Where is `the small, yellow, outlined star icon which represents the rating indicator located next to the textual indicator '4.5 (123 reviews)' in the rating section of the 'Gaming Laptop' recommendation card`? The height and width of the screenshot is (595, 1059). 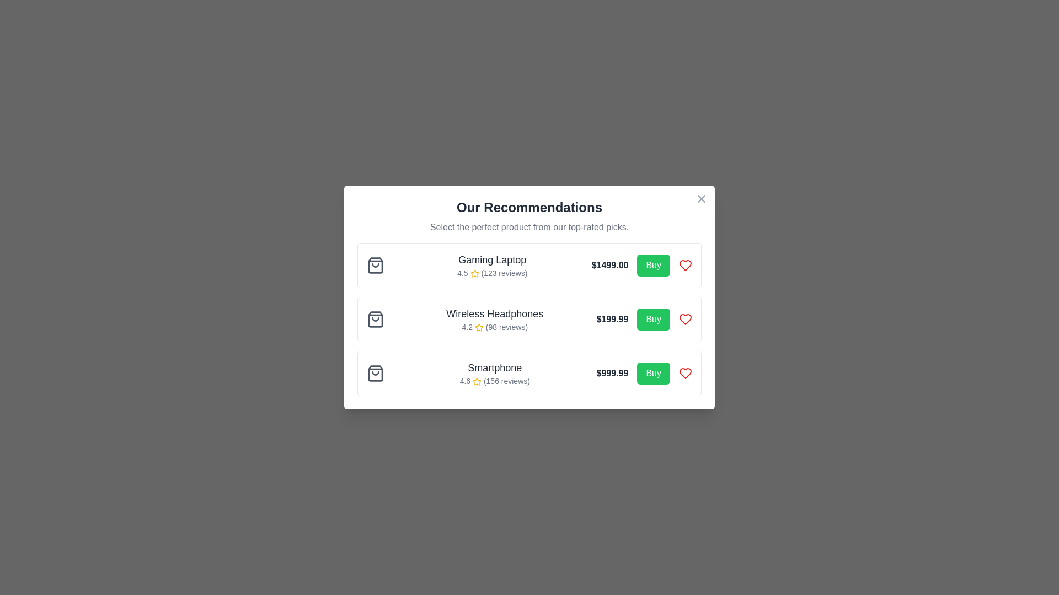 the small, yellow, outlined star icon which represents the rating indicator located next to the textual indicator '4.5 (123 reviews)' in the rating section of the 'Gaming Laptop' recommendation card is located at coordinates (474, 273).